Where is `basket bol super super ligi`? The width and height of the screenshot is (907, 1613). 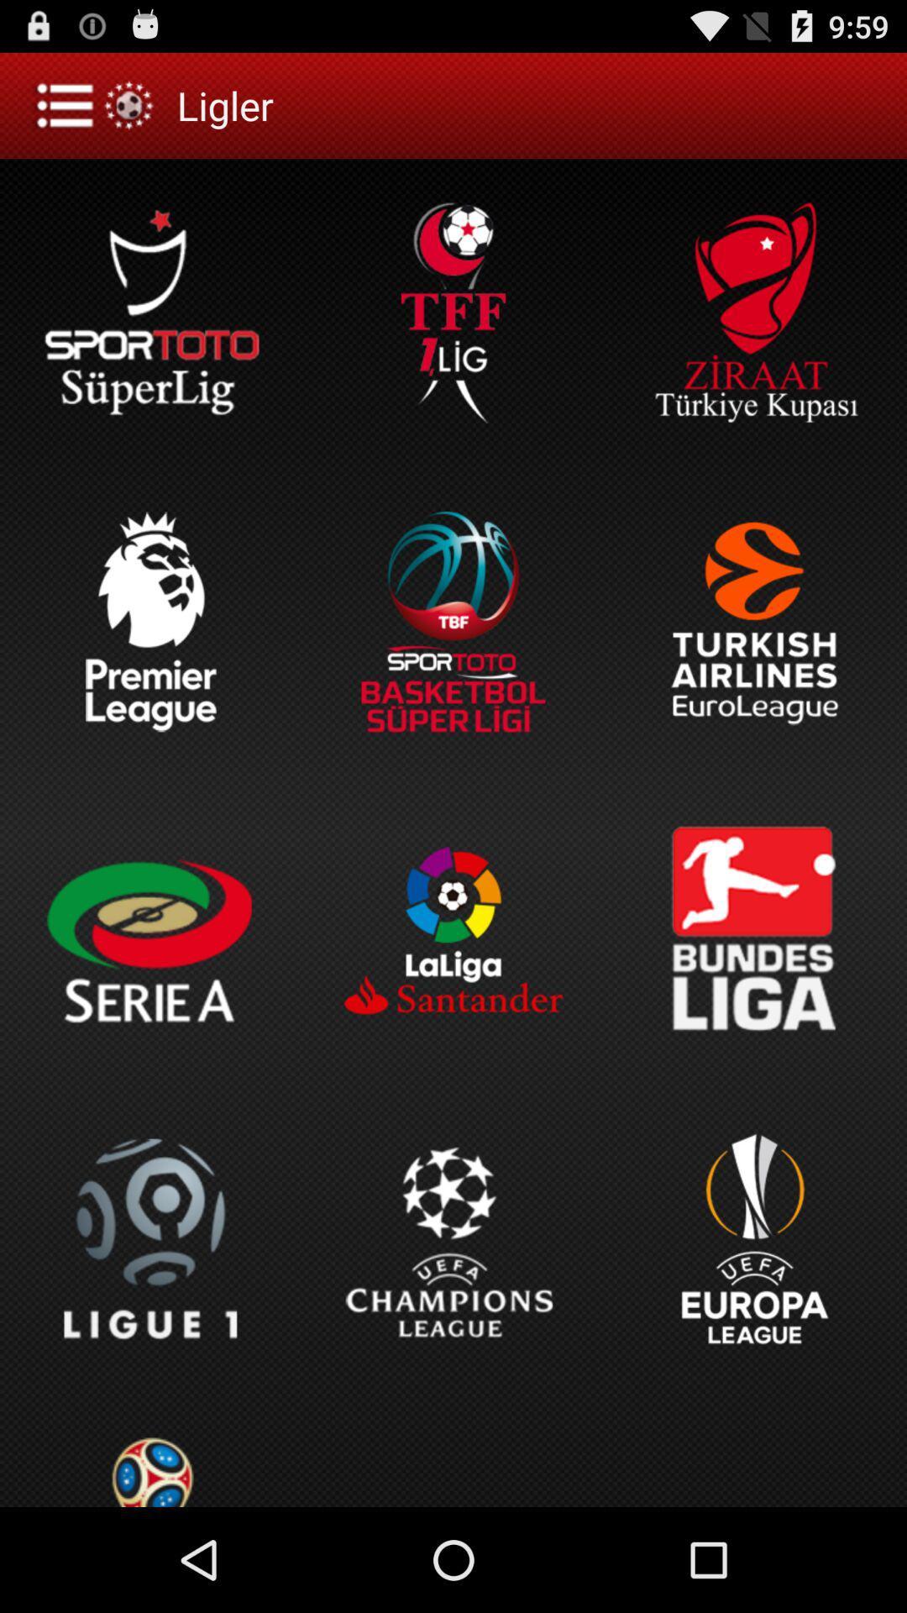
basket bol super super ligi is located at coordinates (453, 621).